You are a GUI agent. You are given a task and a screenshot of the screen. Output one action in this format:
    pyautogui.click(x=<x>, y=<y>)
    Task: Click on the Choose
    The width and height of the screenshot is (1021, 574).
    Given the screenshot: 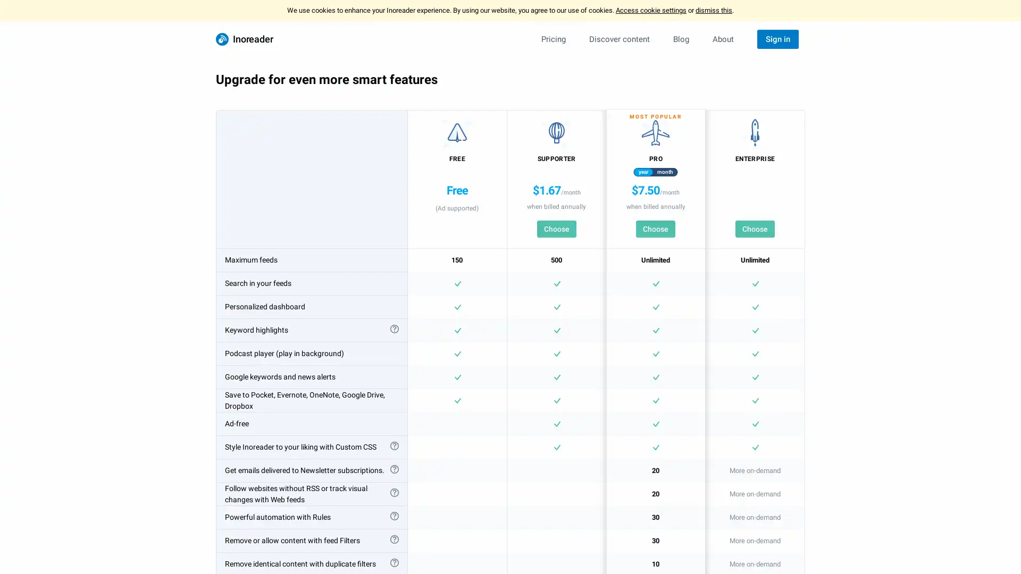 What is the action you would take?
    pyautogui.click(x=556, y=229)
    